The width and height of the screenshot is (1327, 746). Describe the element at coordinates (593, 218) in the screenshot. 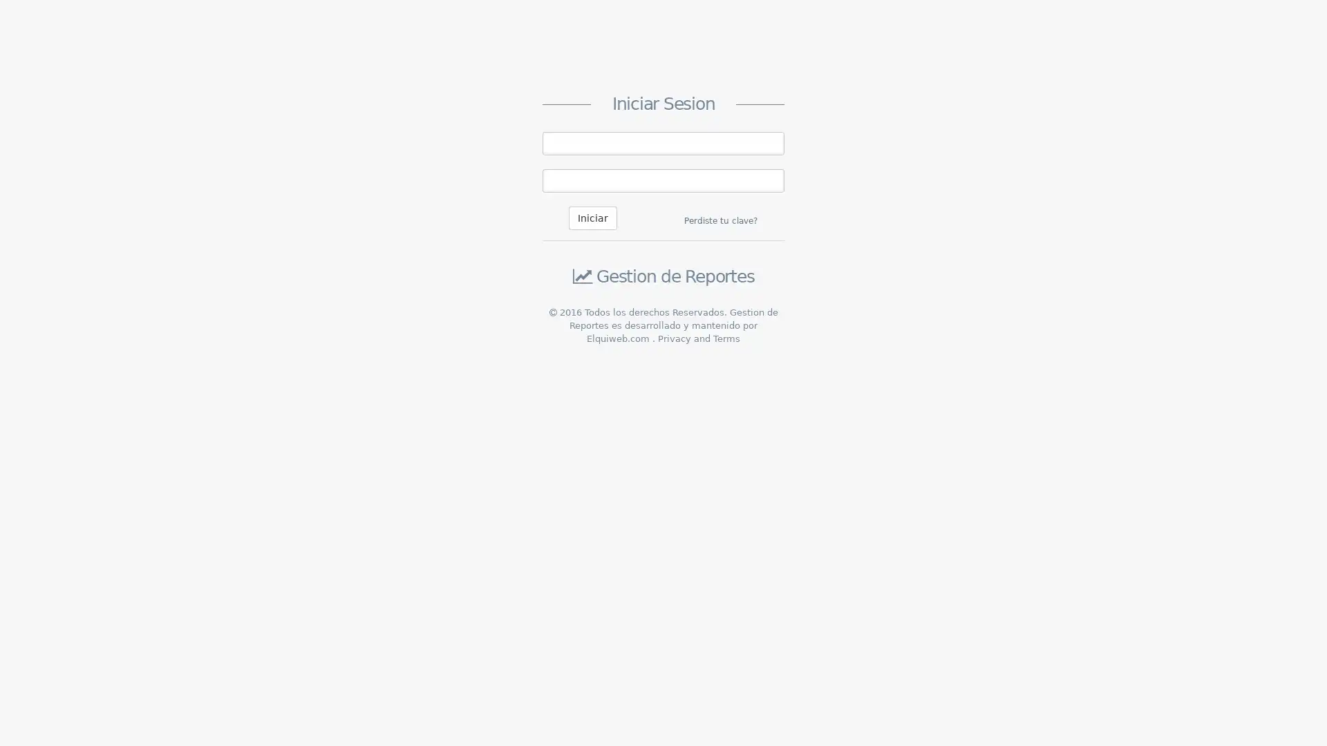

I see `Iniciar` at that location.